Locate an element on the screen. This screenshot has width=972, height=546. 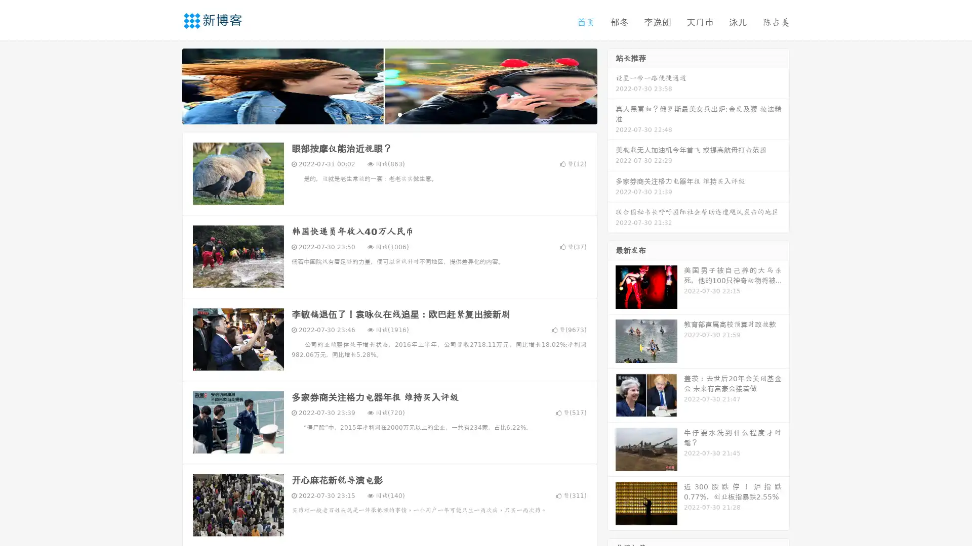
Previous slide is located at coordinates (167, 85).